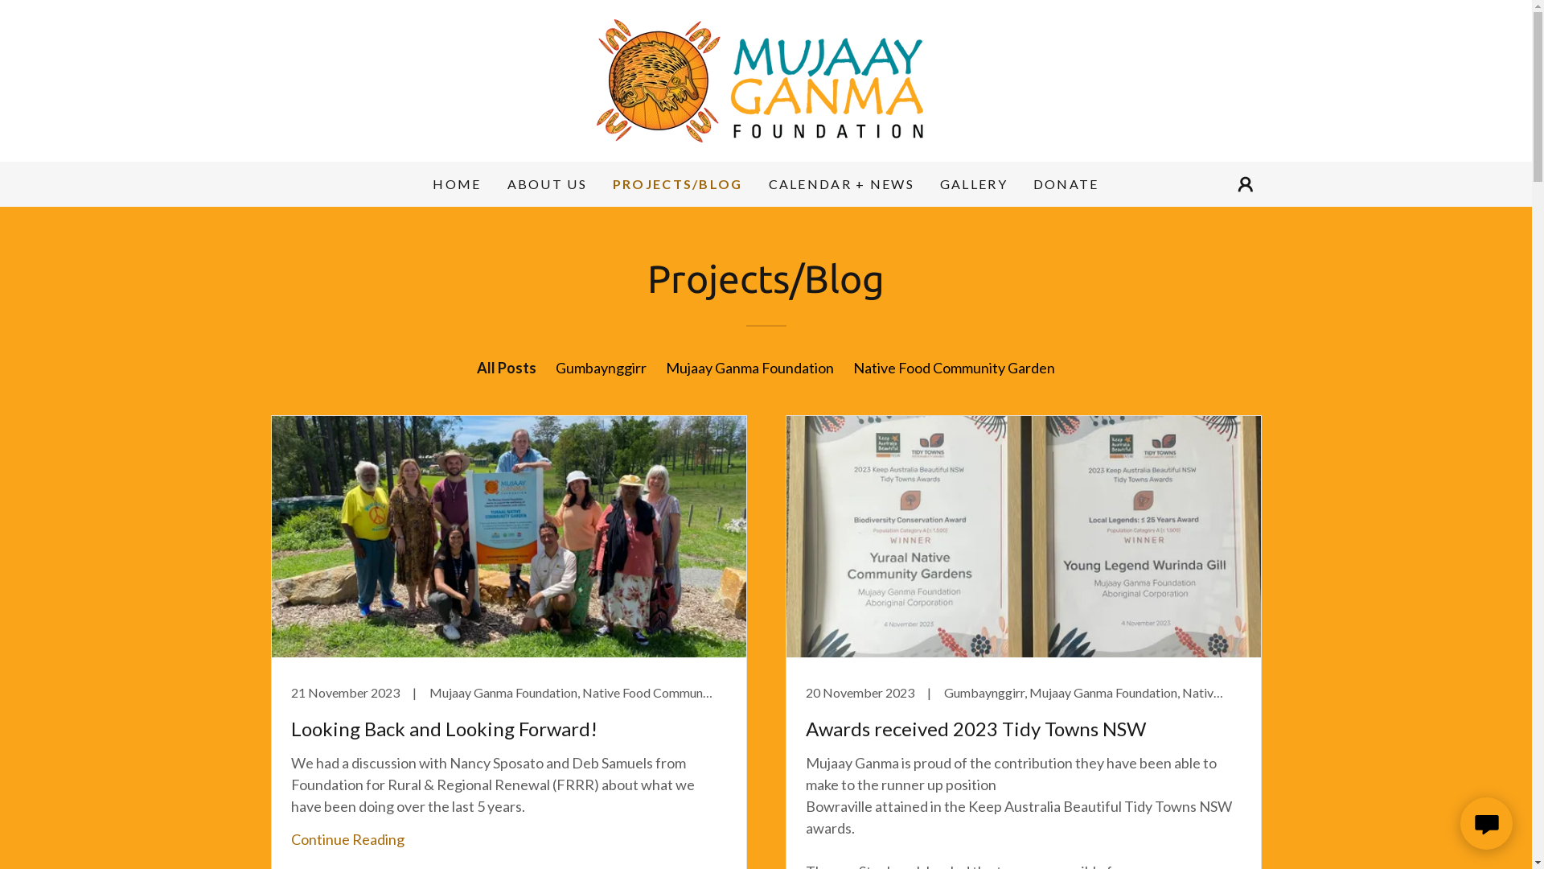 The height and width of the screenshot is (869, 1544). What do you see at coordinates (749, 367) in the screenshot?
I see `'Mujaay Ganma Foundation'` at bounding box center [749, 367].